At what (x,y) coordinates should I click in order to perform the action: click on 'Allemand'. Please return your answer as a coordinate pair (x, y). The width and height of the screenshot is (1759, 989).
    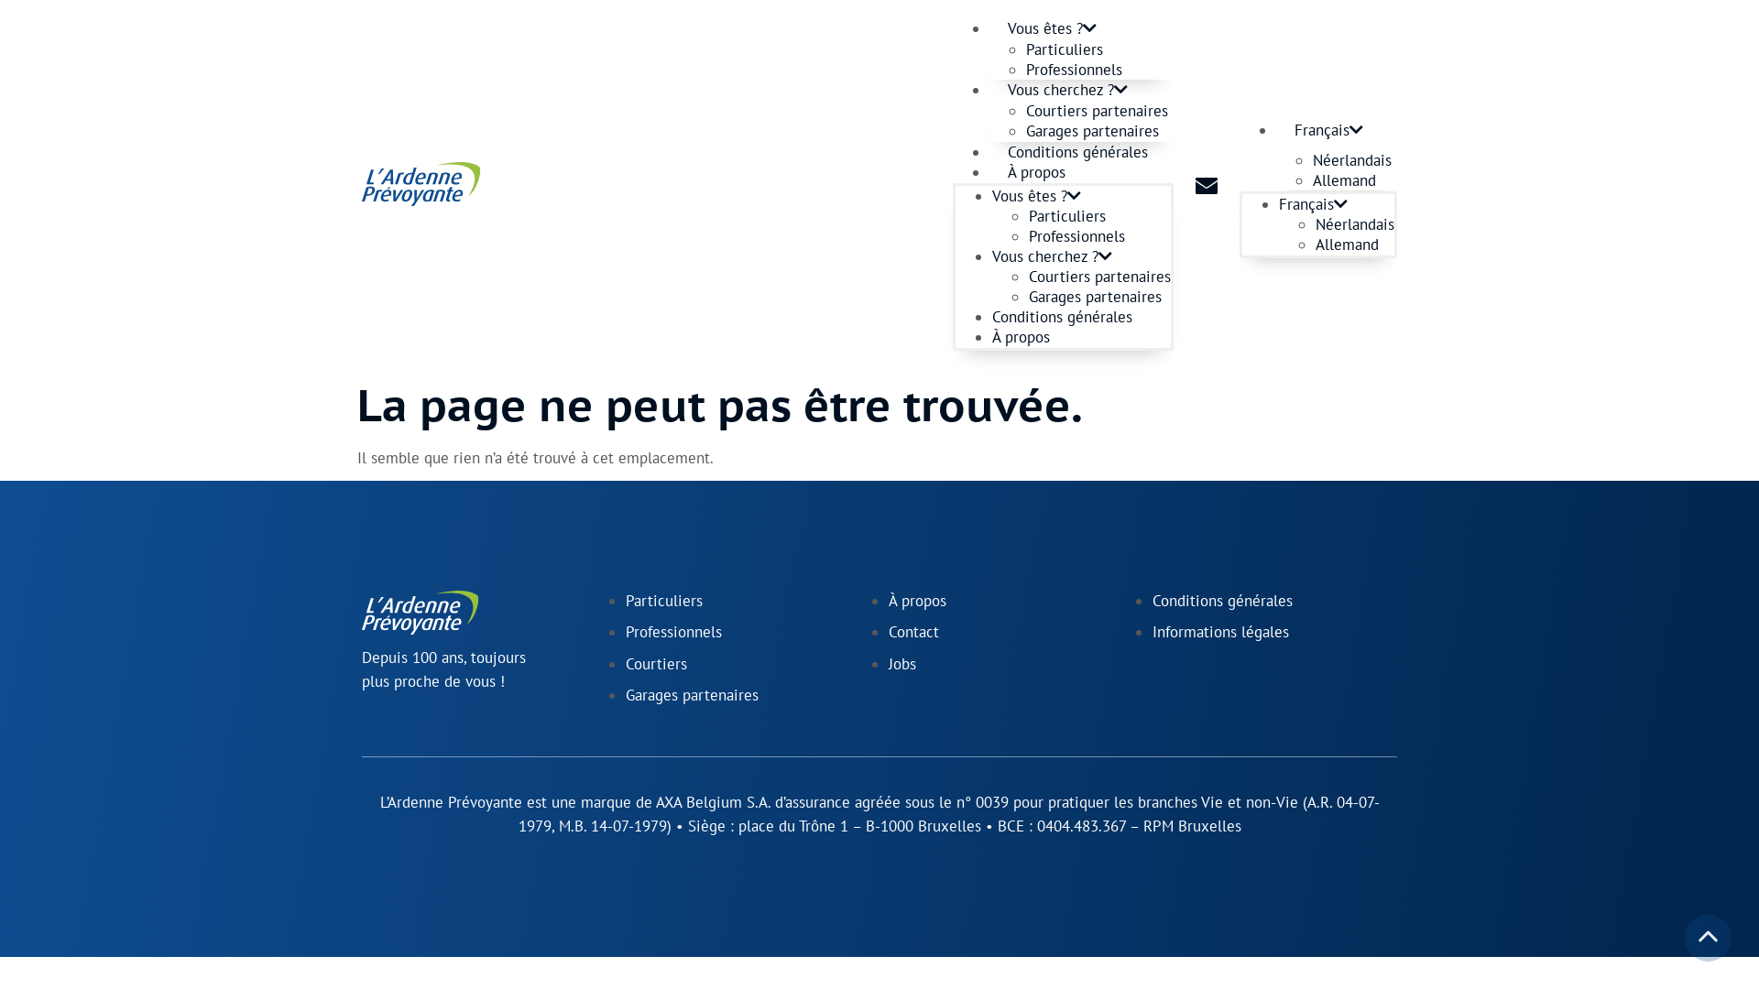
    Looking at the image, I should click on (1354, 179).